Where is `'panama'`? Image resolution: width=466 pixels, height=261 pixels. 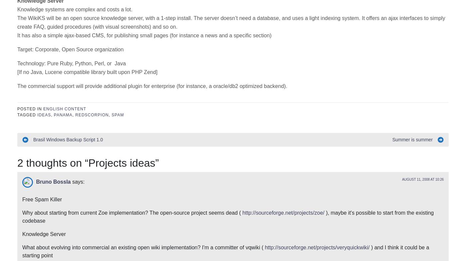 'panama' is located at coordinates (63, 15).